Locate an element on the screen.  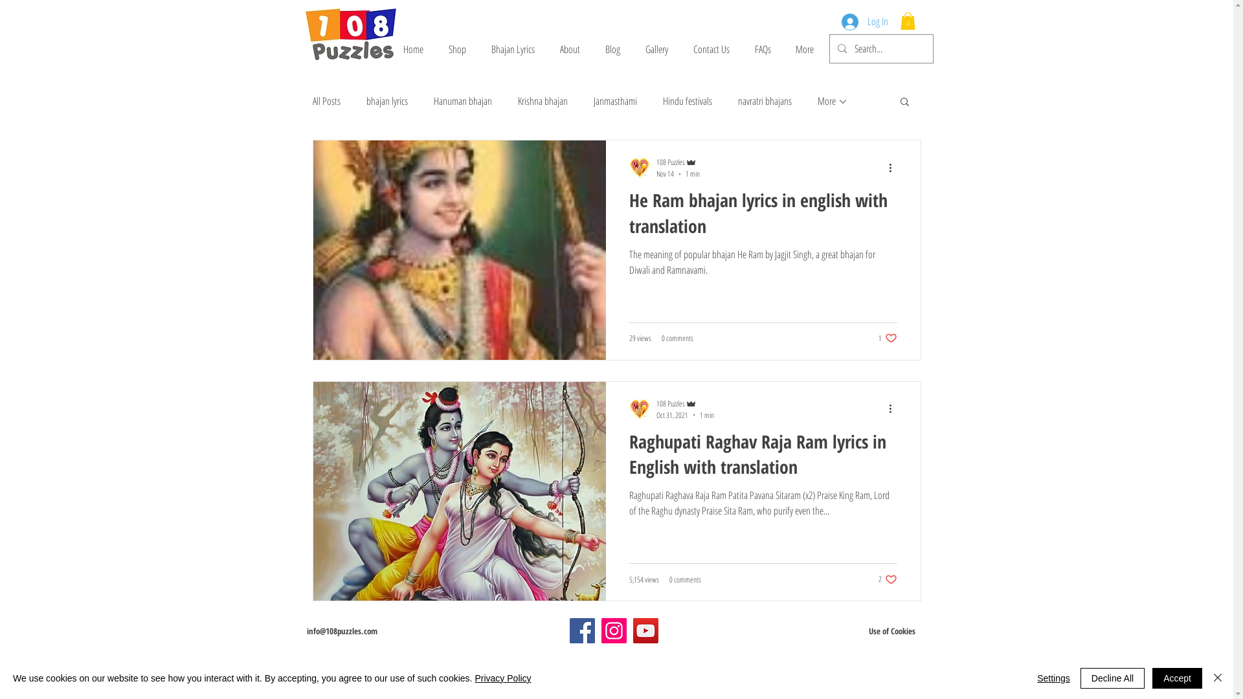
'Decline All' is located at coordinates (1112, 678).